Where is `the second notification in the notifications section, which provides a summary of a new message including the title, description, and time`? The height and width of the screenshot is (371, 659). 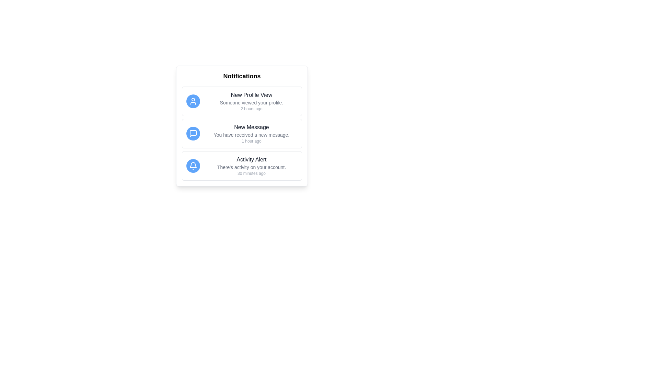
the second notification in the notifications section, which provides a summary of a new message including the title, description, and time is located at coordinates (251, 134).